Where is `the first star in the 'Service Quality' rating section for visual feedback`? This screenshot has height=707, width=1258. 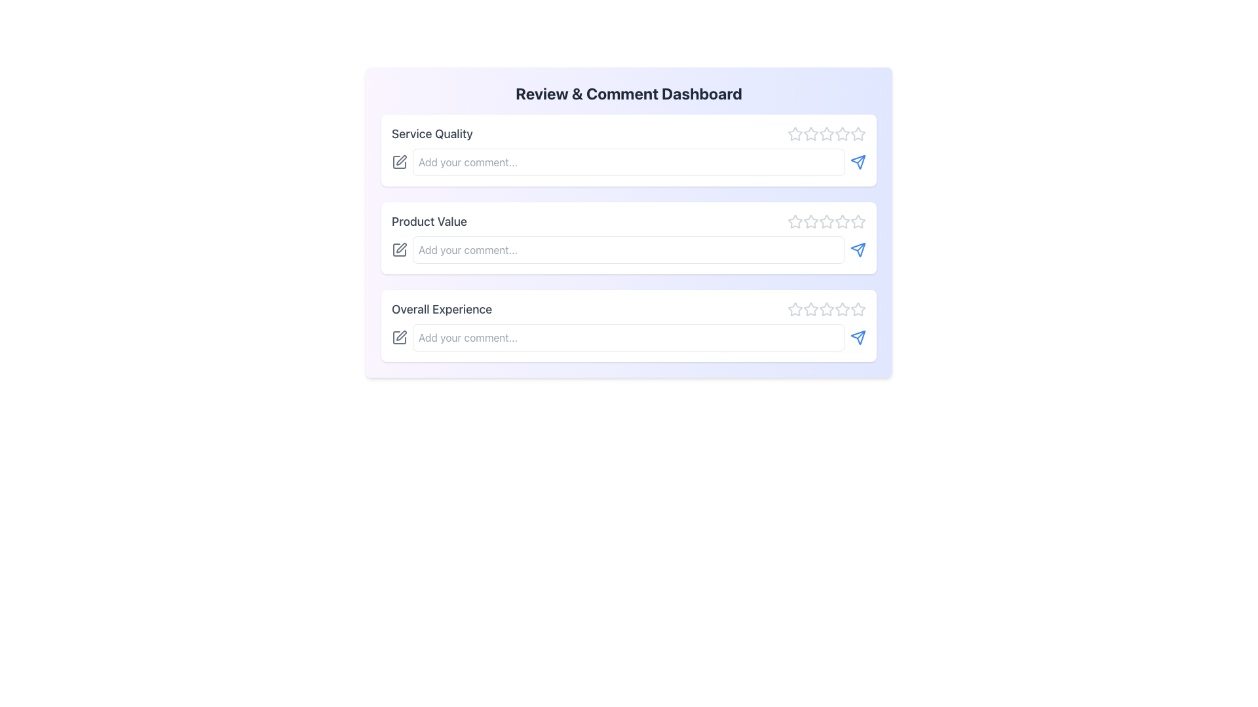
the first star in the 'Service Quality' rating section for visual feedback is located at coordinates (795, 134).